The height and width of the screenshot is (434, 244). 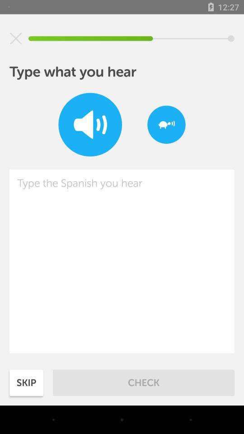 I want to click on words to transcribe, so click(x=122, y=261).